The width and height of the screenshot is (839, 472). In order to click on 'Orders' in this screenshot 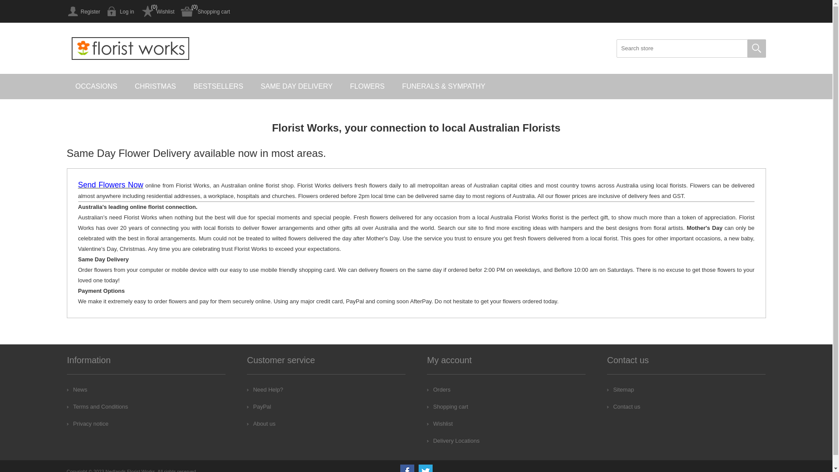, I will do `click(438, 389)`.